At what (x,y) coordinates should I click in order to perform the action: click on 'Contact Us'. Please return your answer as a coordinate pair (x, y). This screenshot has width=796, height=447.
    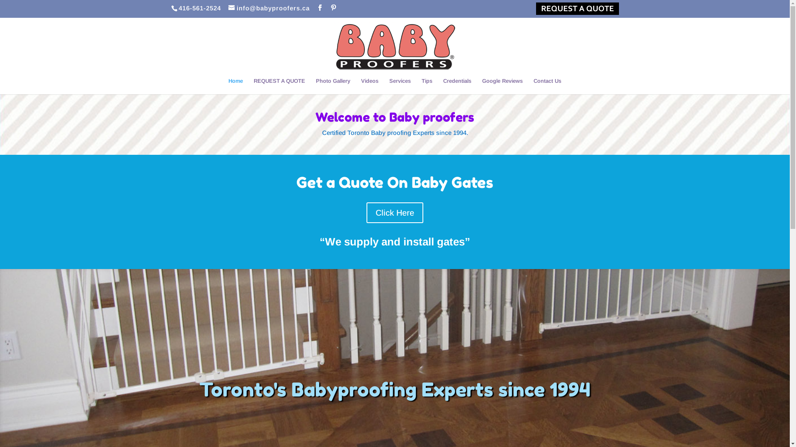
    Looking at the image, I should click on (533, 86).